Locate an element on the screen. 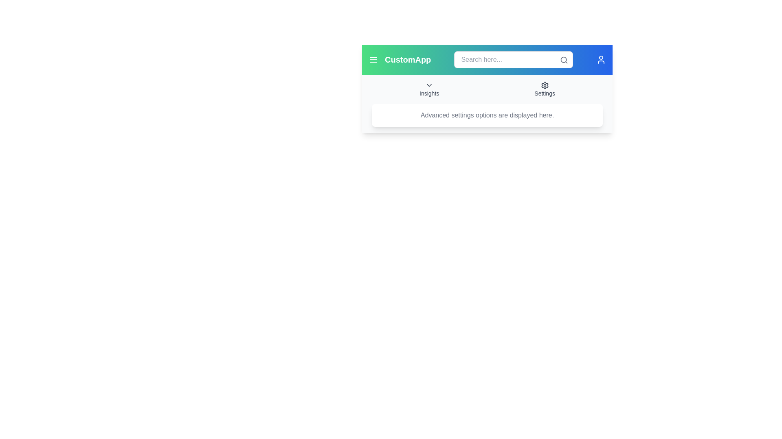 This screenshot has height=439, width=782. the settings icon located in the top-right corner of the application is located at coordinates (545, 85).